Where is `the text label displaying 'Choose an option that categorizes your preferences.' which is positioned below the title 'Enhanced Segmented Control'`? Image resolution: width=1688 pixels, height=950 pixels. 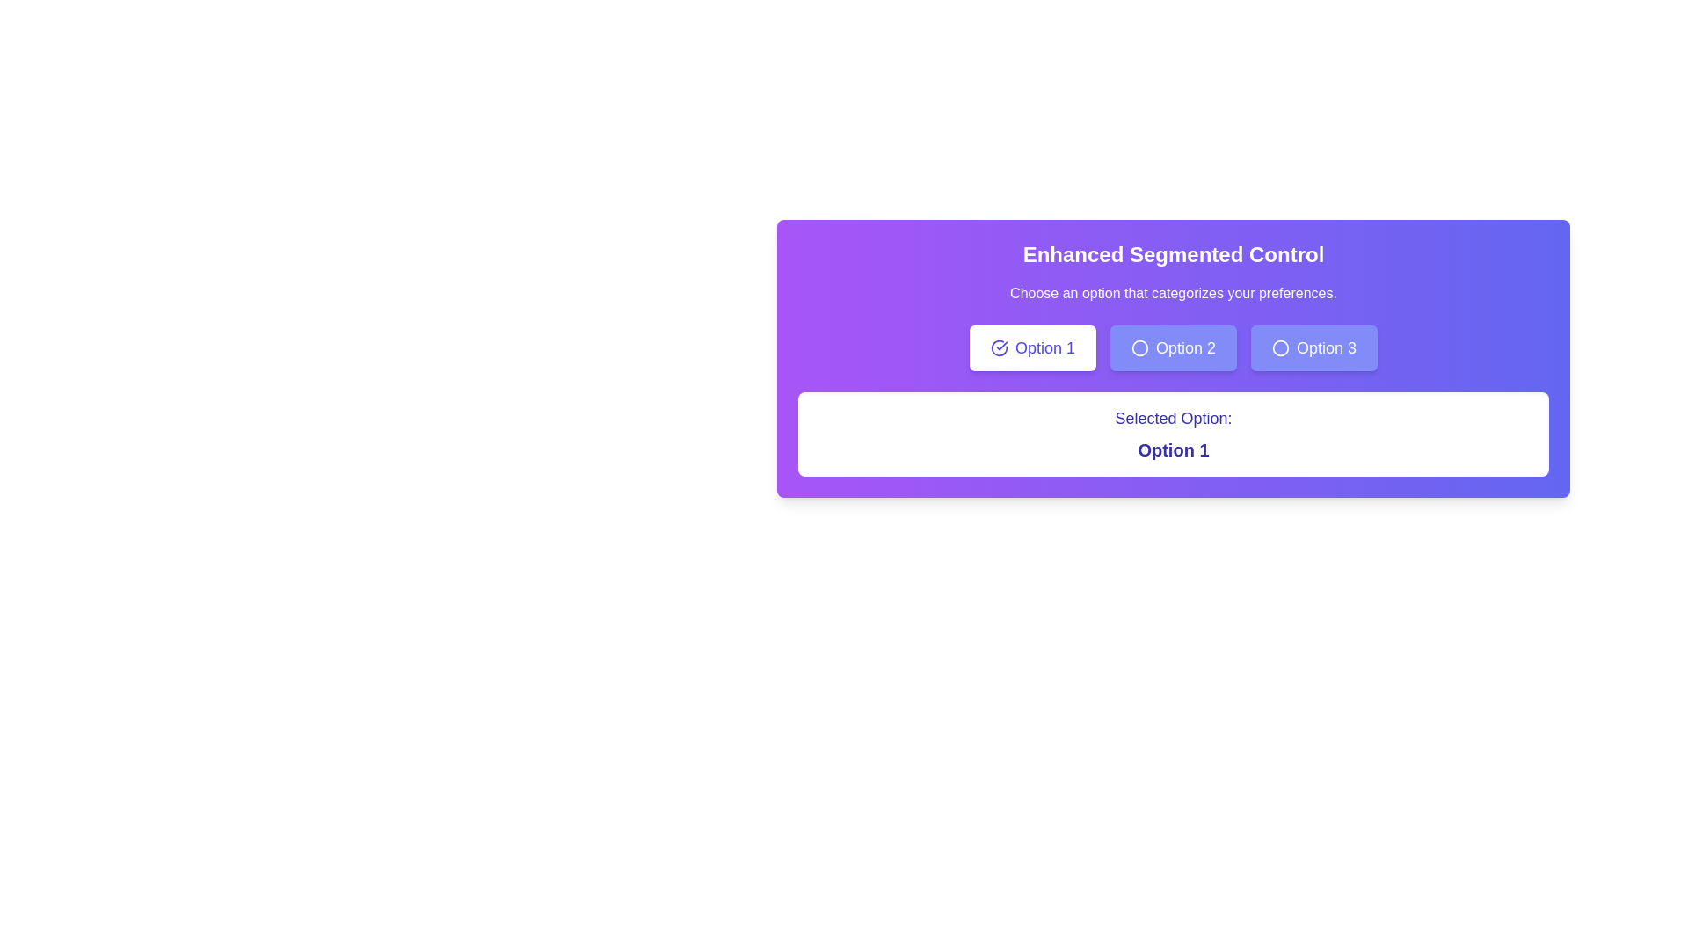
the text label displaying 'Choose an option that categorizes your preferences.' which is positioned below the title 'Enhanced Segmented Control' is located at coordinates (1173, 293).